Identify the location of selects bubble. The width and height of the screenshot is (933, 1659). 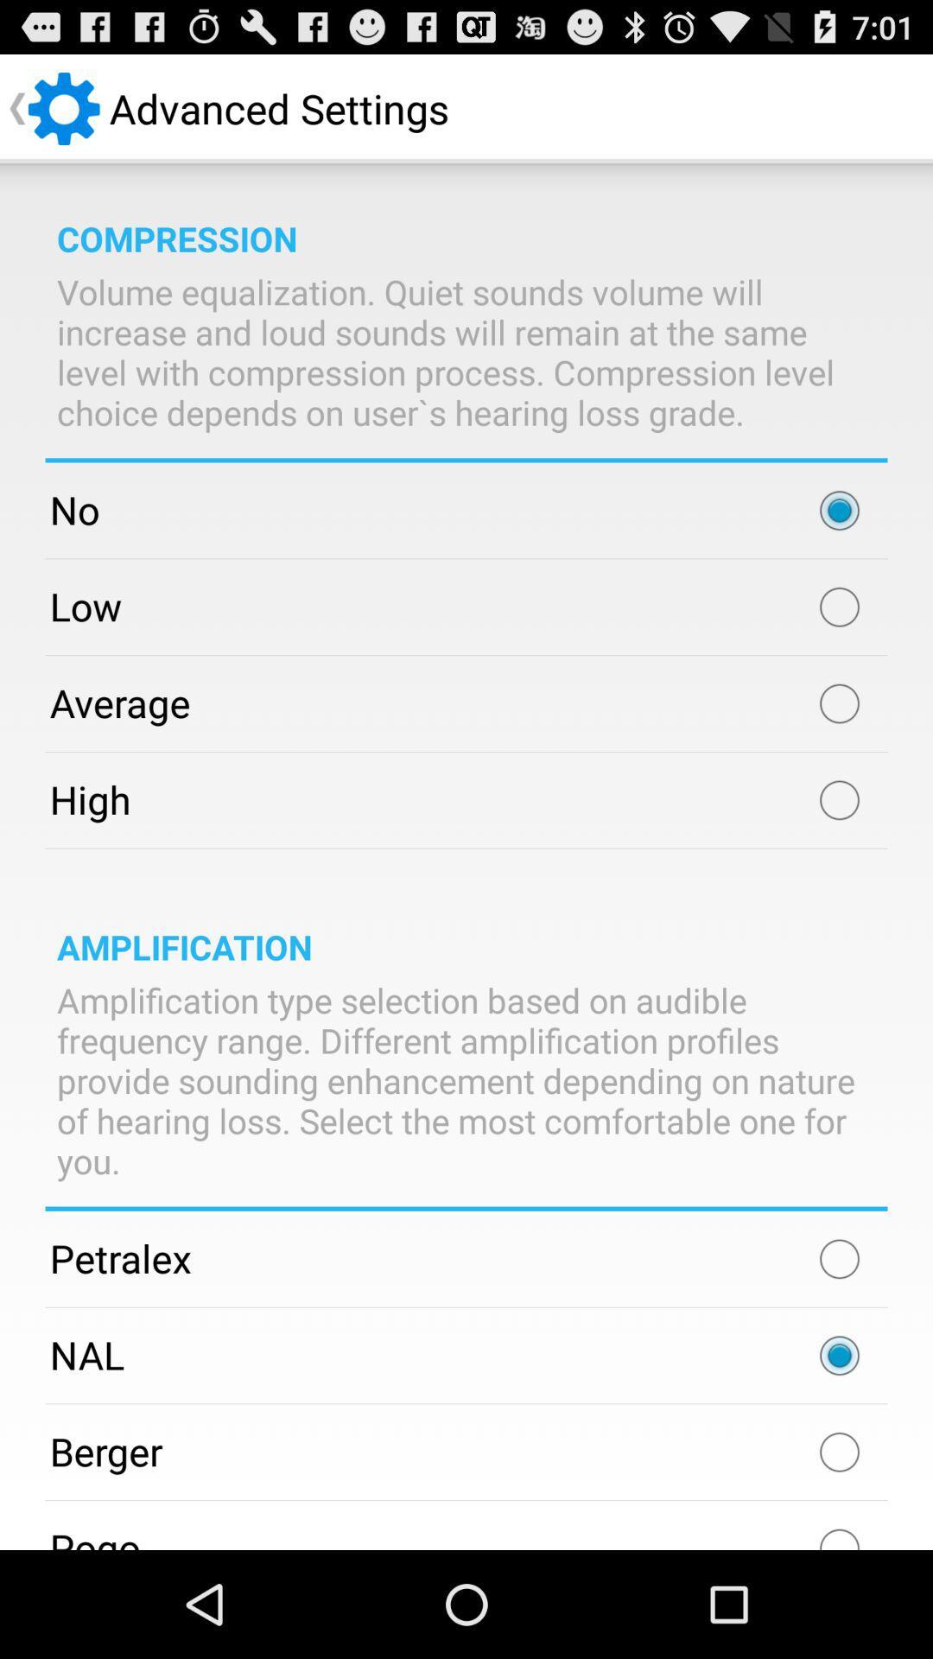
(839, 703).